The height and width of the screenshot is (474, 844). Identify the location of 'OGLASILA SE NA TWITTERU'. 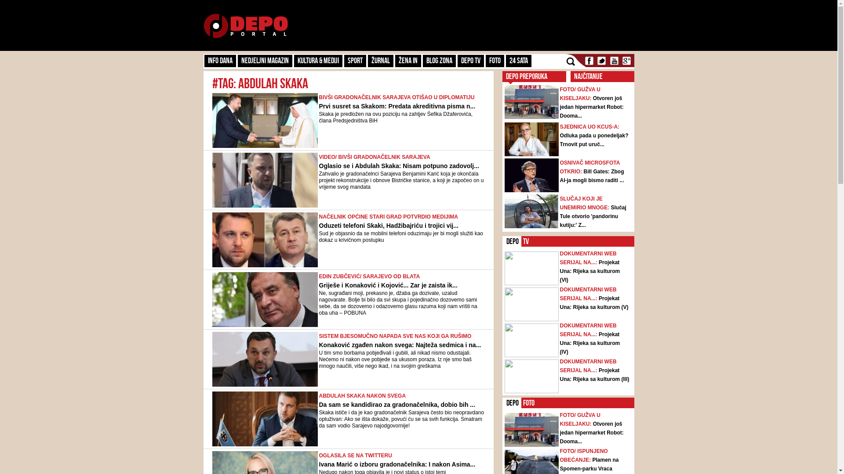
(356, 455).